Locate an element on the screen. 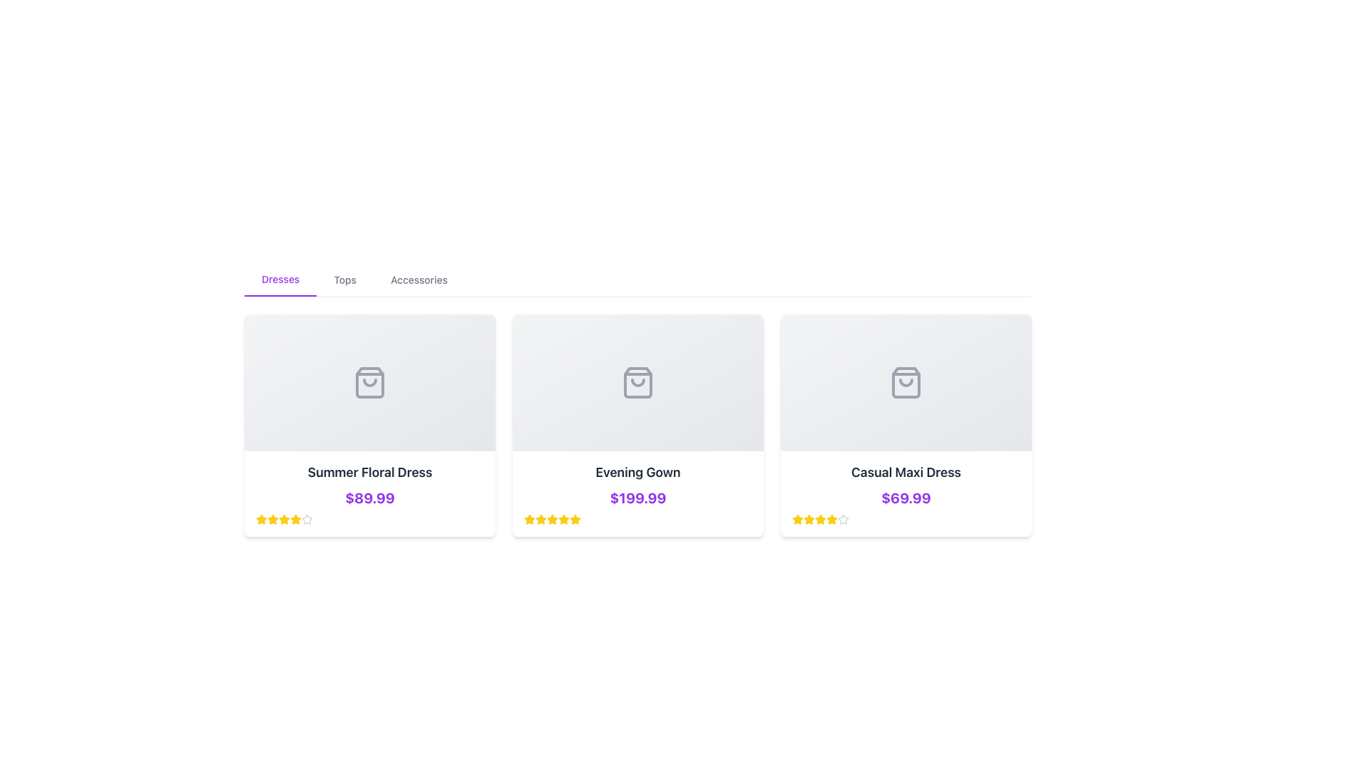  the shopping-related icon for the product 'Evening Gown', which is located at the center of the second tile in a row of three tiles, above the text and price is located at coordinates (637, 381).